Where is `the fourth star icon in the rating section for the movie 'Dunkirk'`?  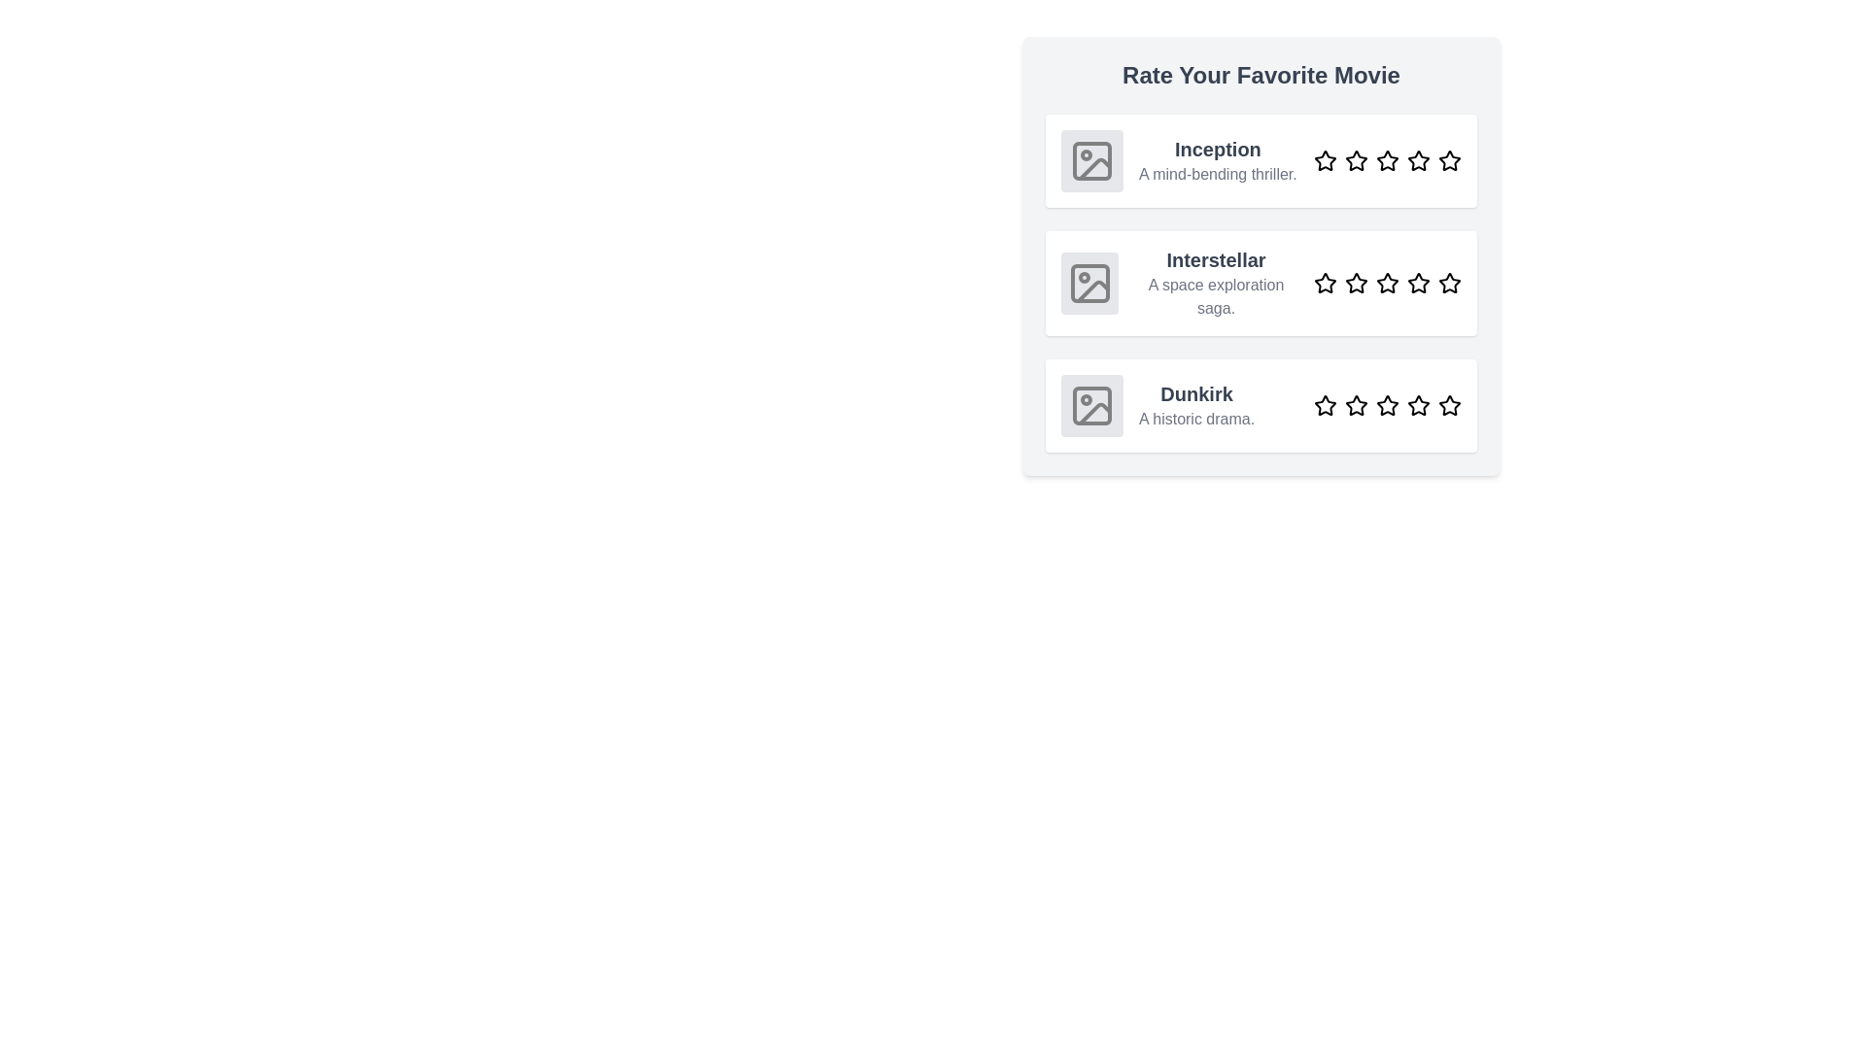 the fourth star icon in the rating section for the movie 'Dunkirk' is located at coordinates (1418, 404).